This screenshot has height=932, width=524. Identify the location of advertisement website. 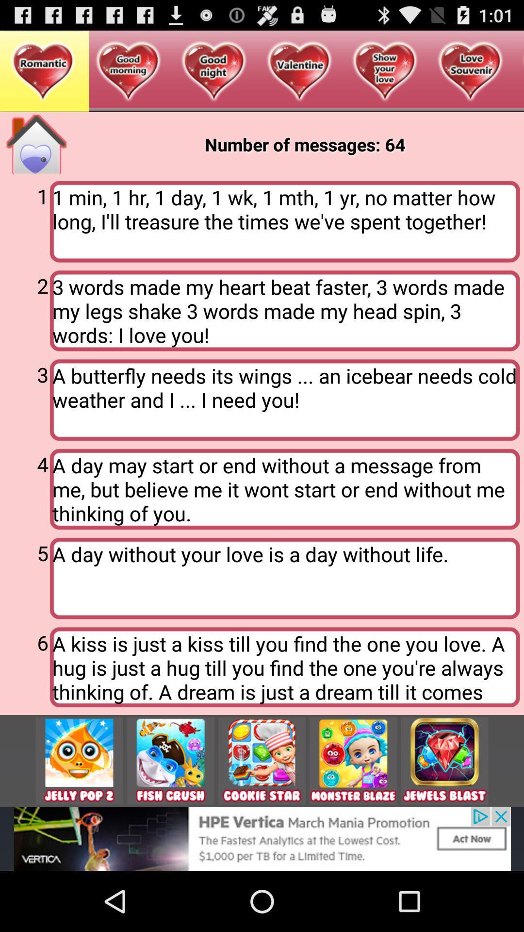
(262, 838).